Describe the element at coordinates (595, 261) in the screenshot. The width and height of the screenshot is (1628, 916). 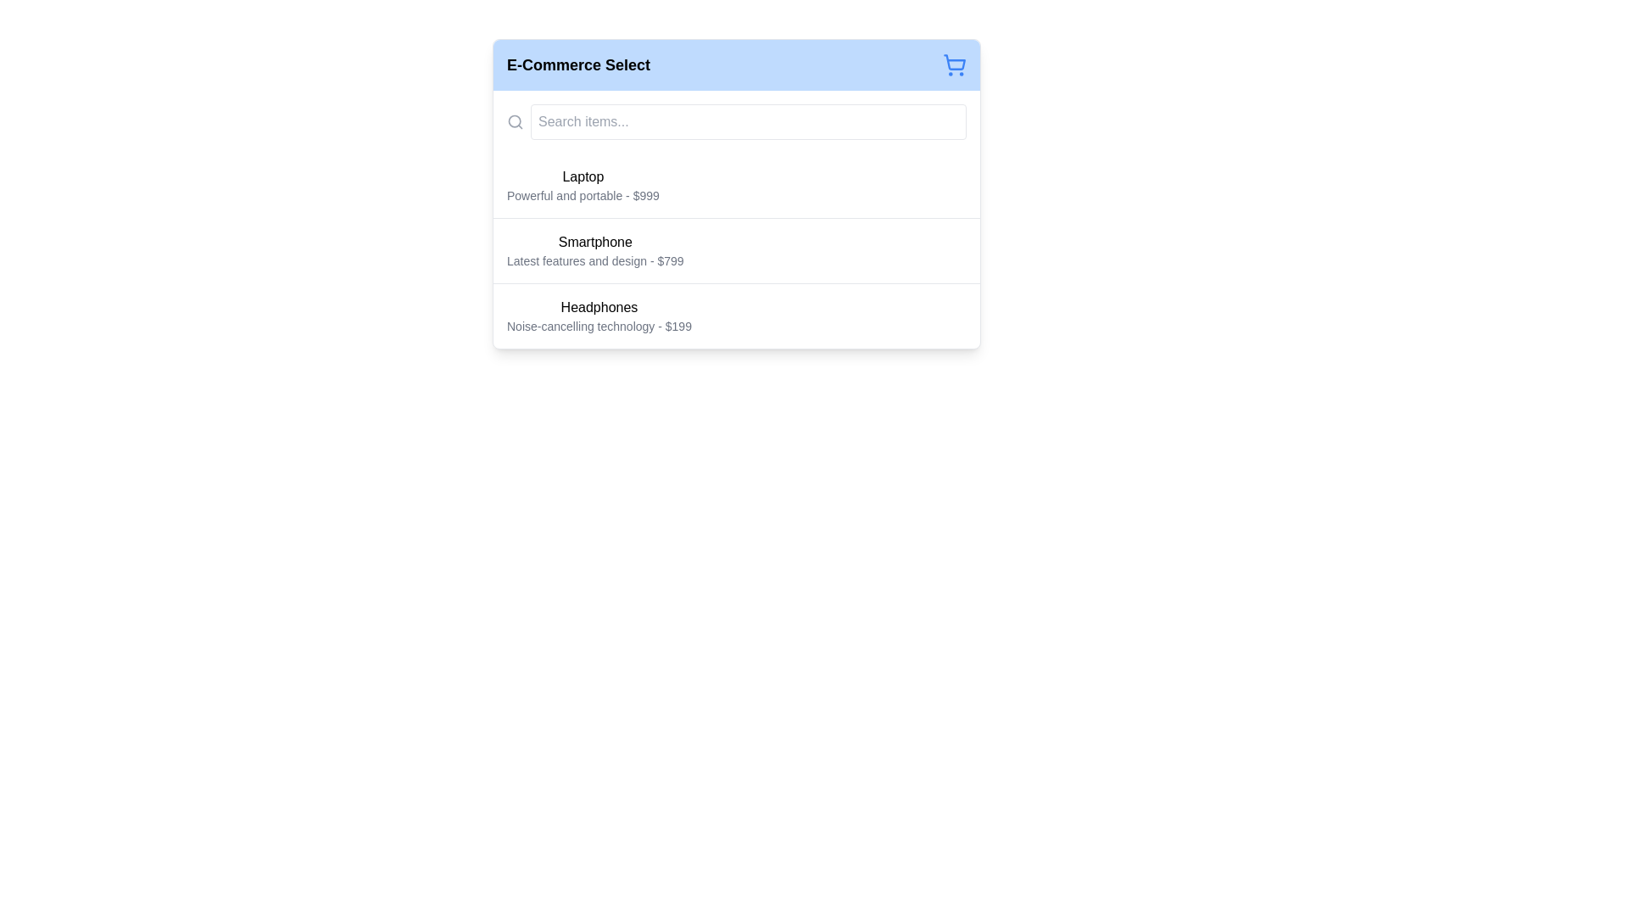
I see `text label that provides additional information and the price of the product 'Smartphone', which is positioned directly below the bold text element labeled 'Smartphone'` at that location.